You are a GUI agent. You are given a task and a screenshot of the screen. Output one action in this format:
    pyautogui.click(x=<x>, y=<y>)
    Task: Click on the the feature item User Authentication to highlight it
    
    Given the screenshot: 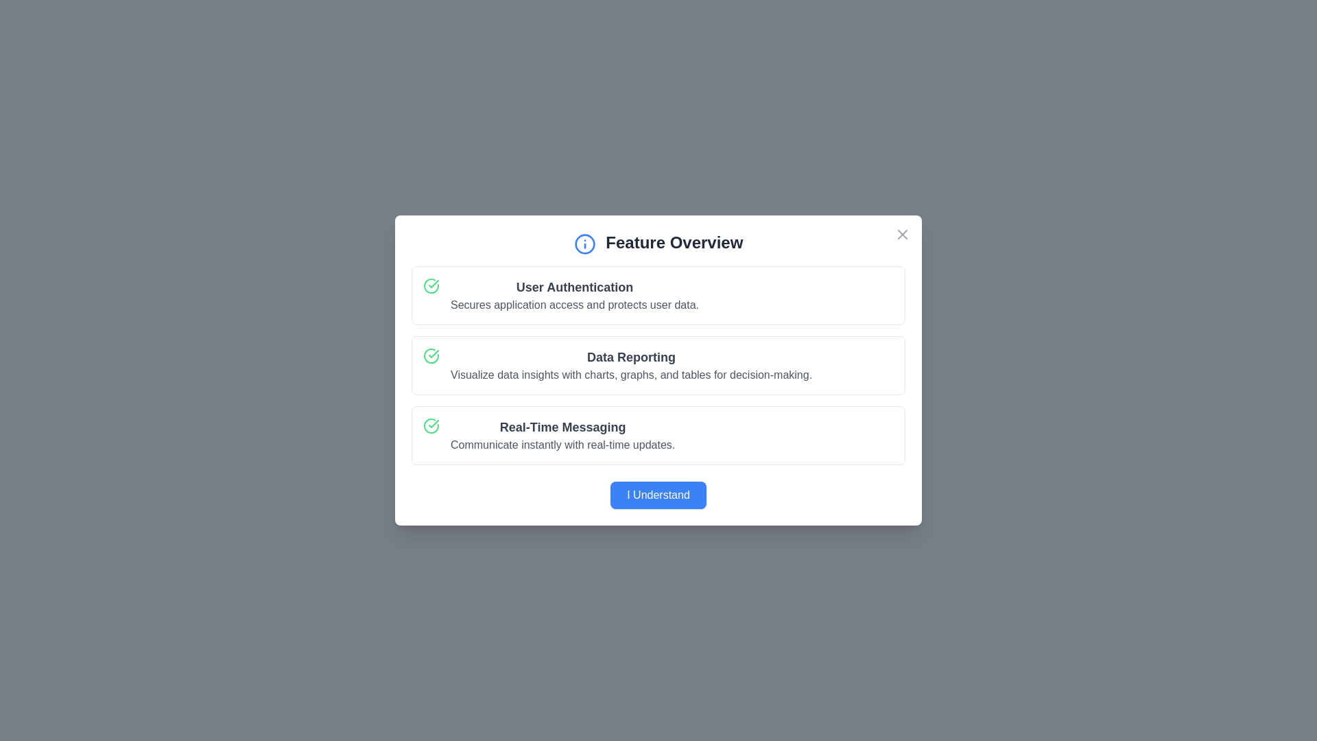 What is the action you would take?
    pyautogui.click(x=658, y=294)
    